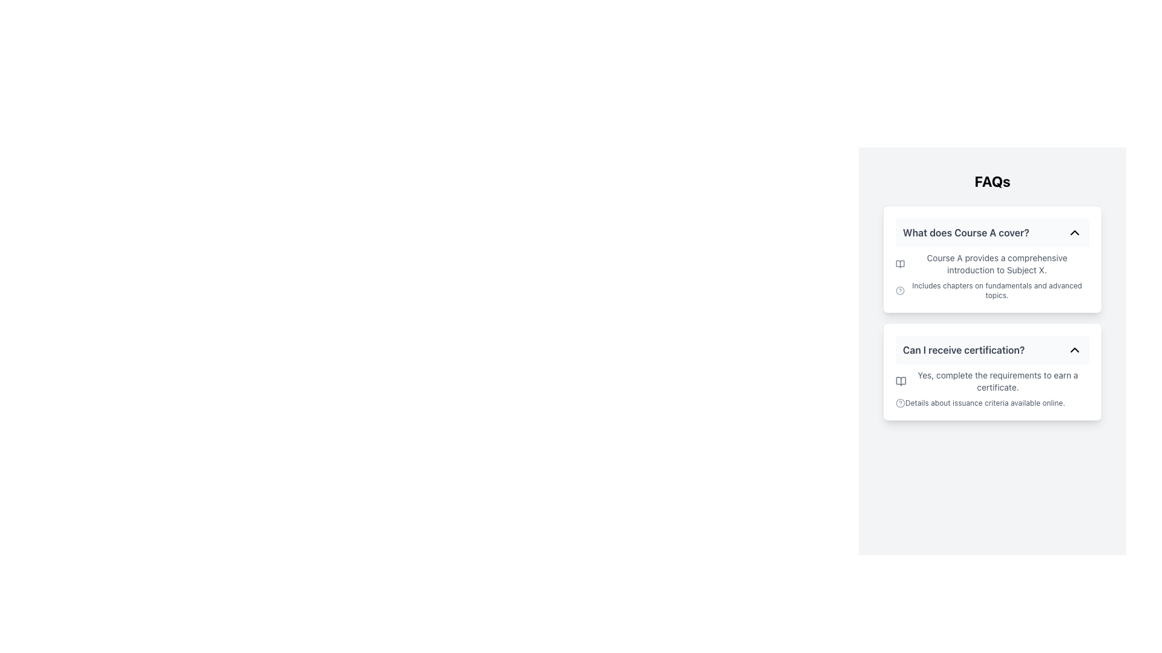  What do you see at coordinates (993, 382) in the screenshot?
I see `text label that says 'Yes, complete the requirements to earn a certificate.' located within the FAQ section under the question 'Can I receive certification?'` at bounding box center [993, 382].